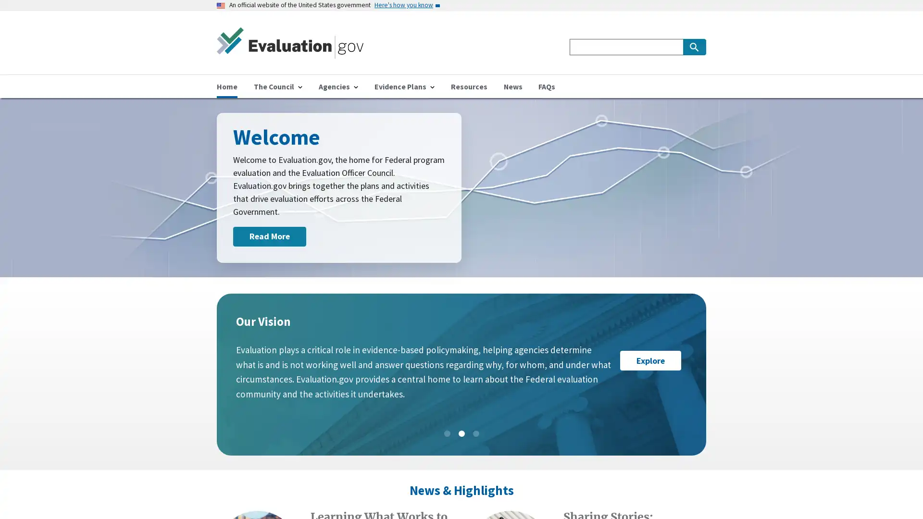  Describe the element at coordinates (338, 86) in the screenshot. I see `Agencies` at that location.